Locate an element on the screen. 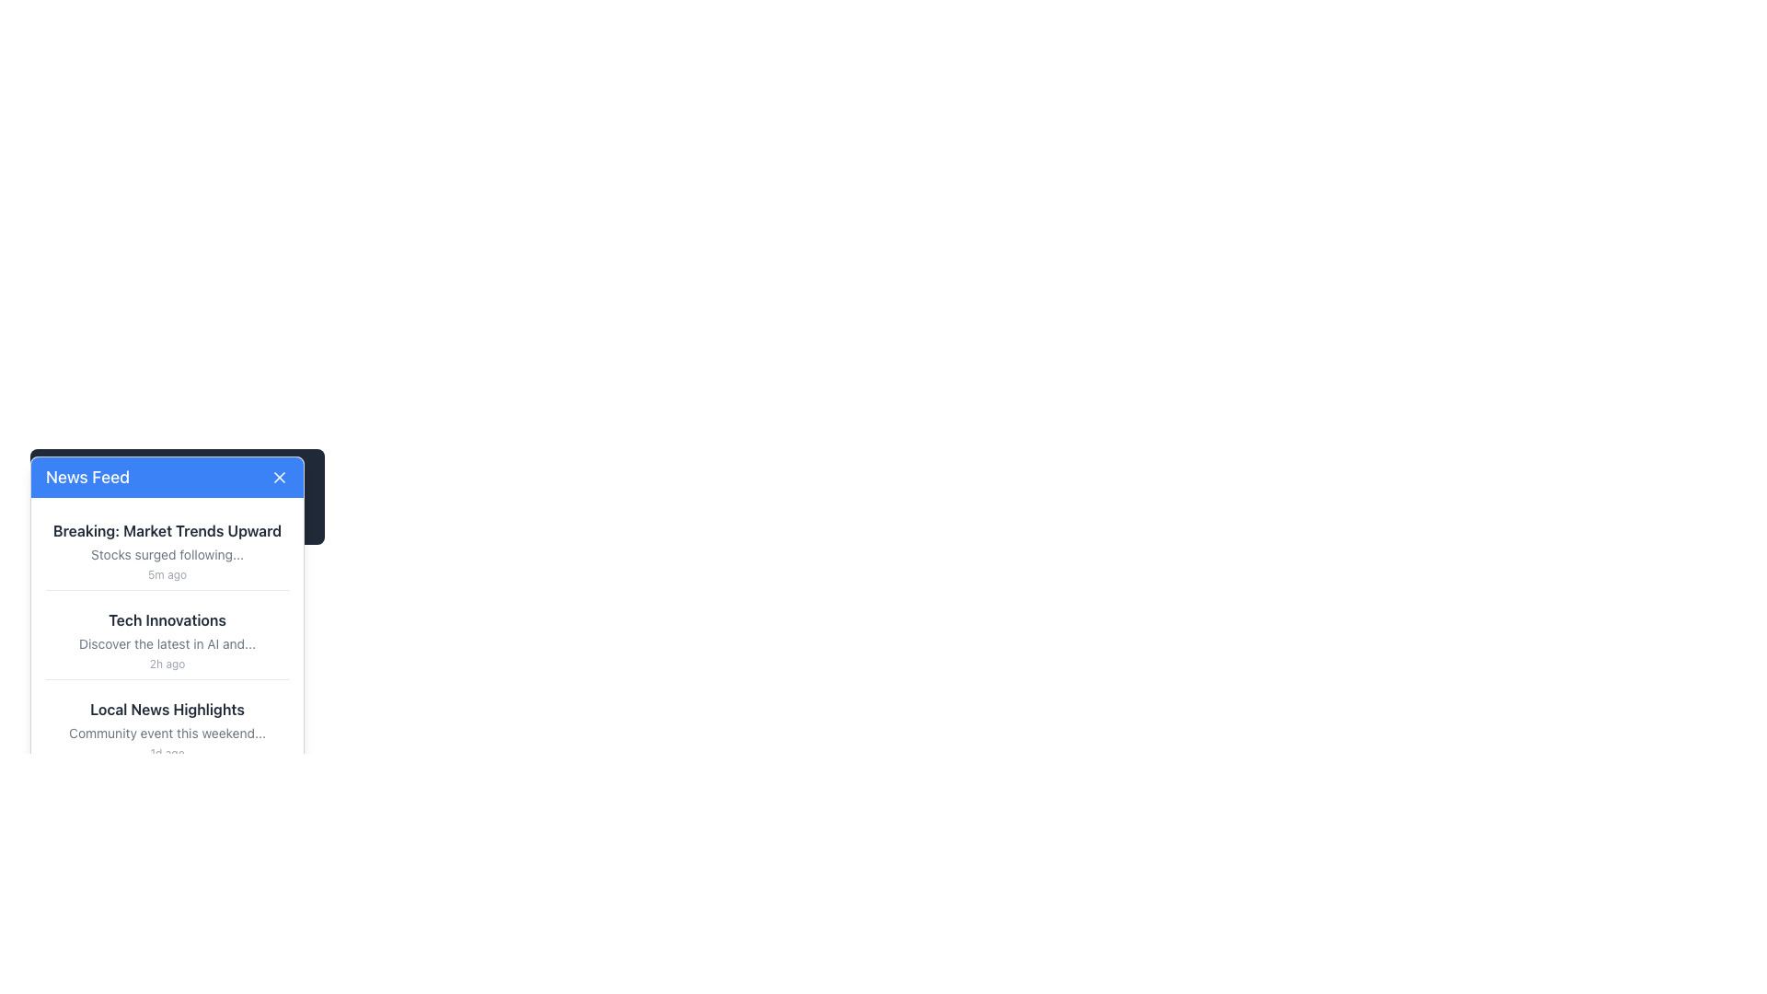 The height and width of the screenshot is (994, 1767). the text element displaying the message 'Community event this weekend...' located beneath the title 'Local News Highlights' is located at coordinates (167, 733).